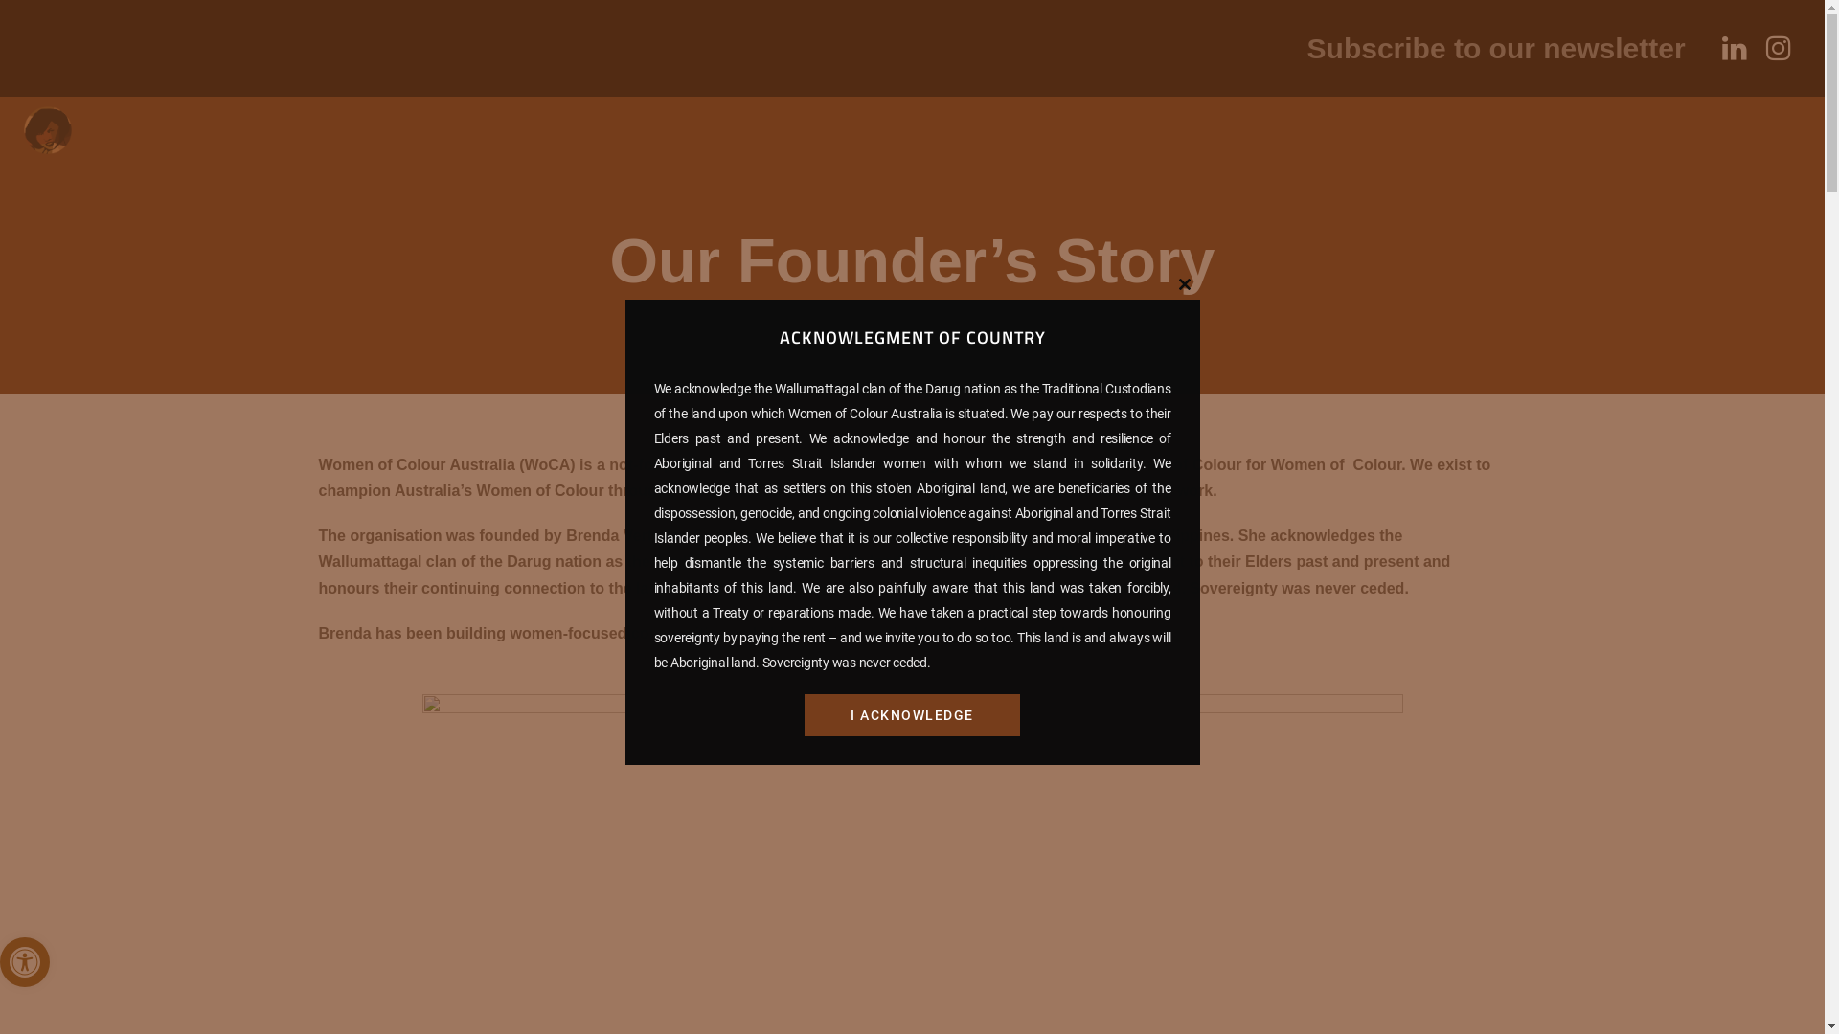 The image size is (1839, 1034). Describe the element at coordinates (917, 142) in the screenshot. I see `'CONTACT'` at that location.